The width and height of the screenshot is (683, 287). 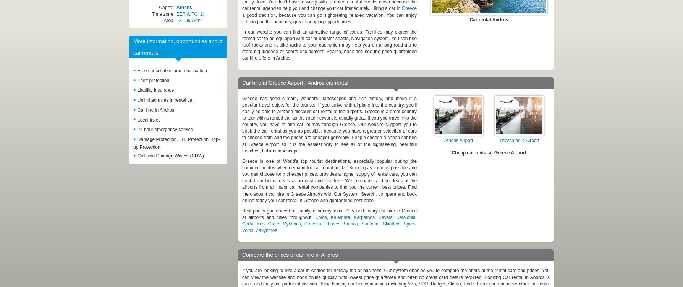 What do you see at coordinates (340, 216) in the screenshot?
I see `'Kalamata'` at bounding box center [340, 216].